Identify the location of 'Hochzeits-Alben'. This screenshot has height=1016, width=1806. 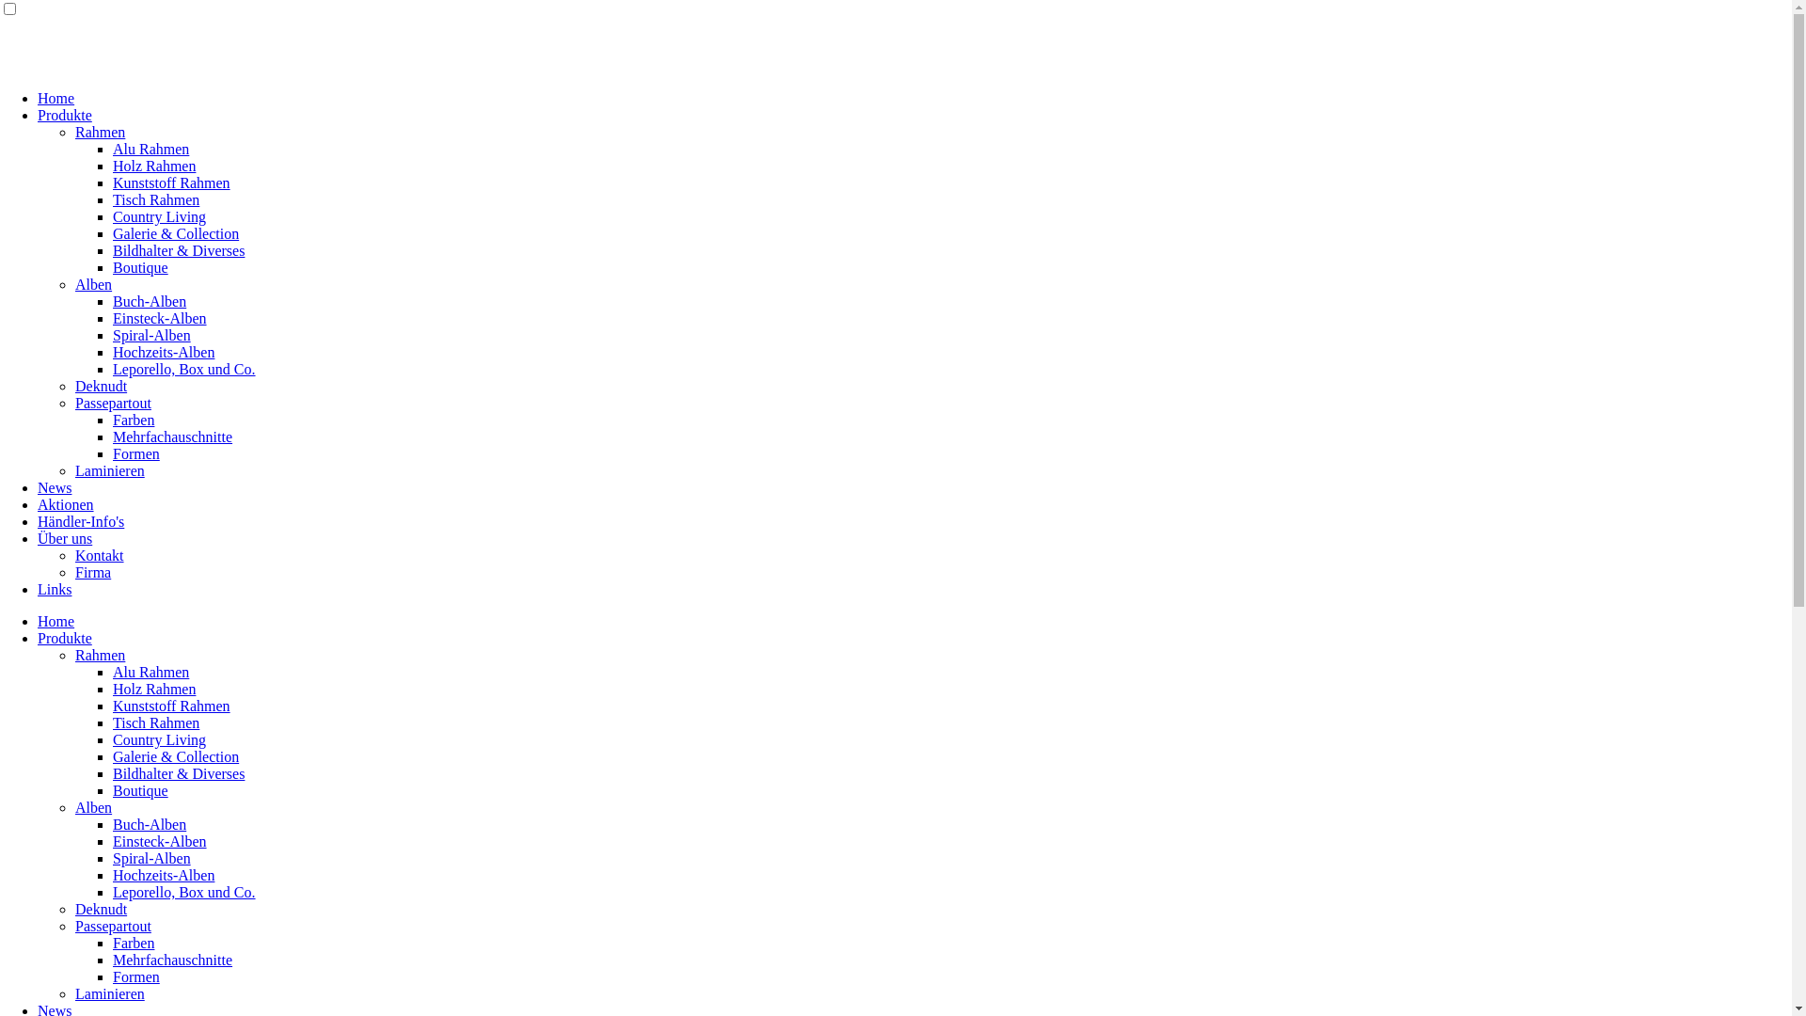
(163, 352).